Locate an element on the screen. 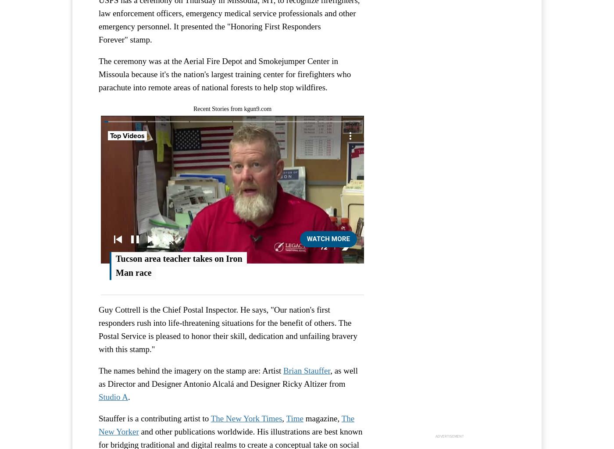 The height and width of the screenshot is (449, 614). 'magazine,' is located at coordinates (321, 418).